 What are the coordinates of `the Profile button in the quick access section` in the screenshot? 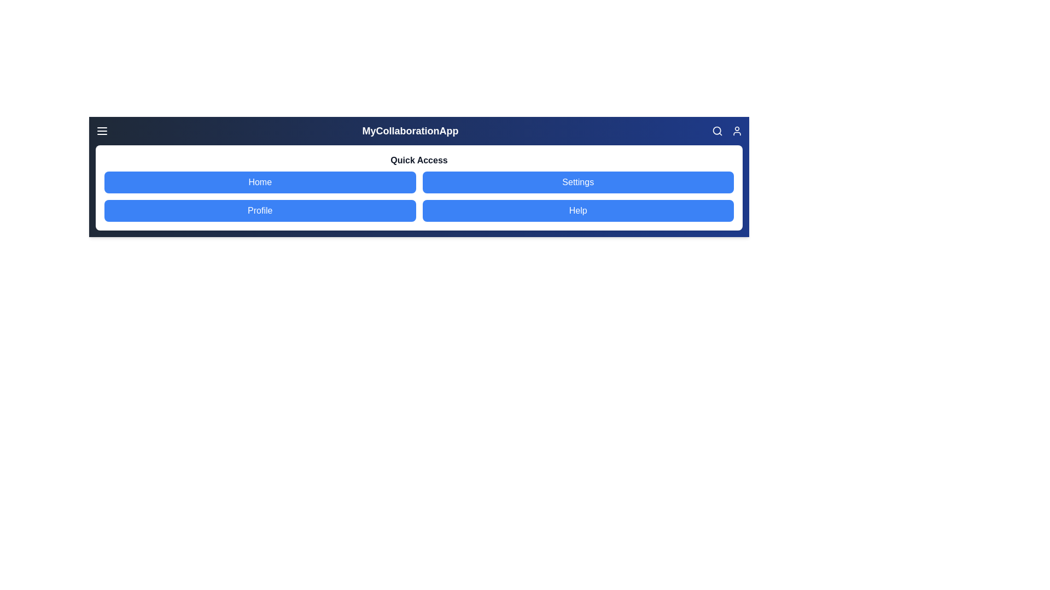 It's located at (259, 210).